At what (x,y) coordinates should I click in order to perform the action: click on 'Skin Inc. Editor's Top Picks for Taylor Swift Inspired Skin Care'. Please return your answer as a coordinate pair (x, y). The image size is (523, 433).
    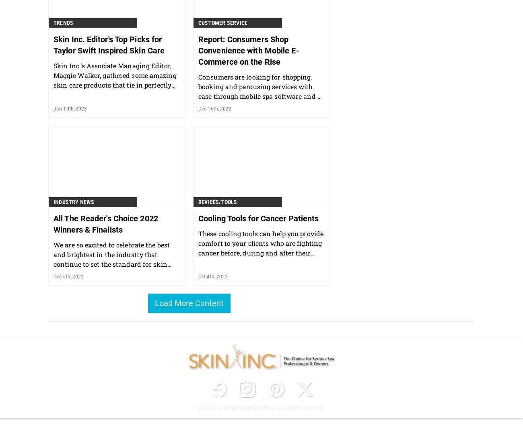
    Looking at the image, I should click on (53, 44).